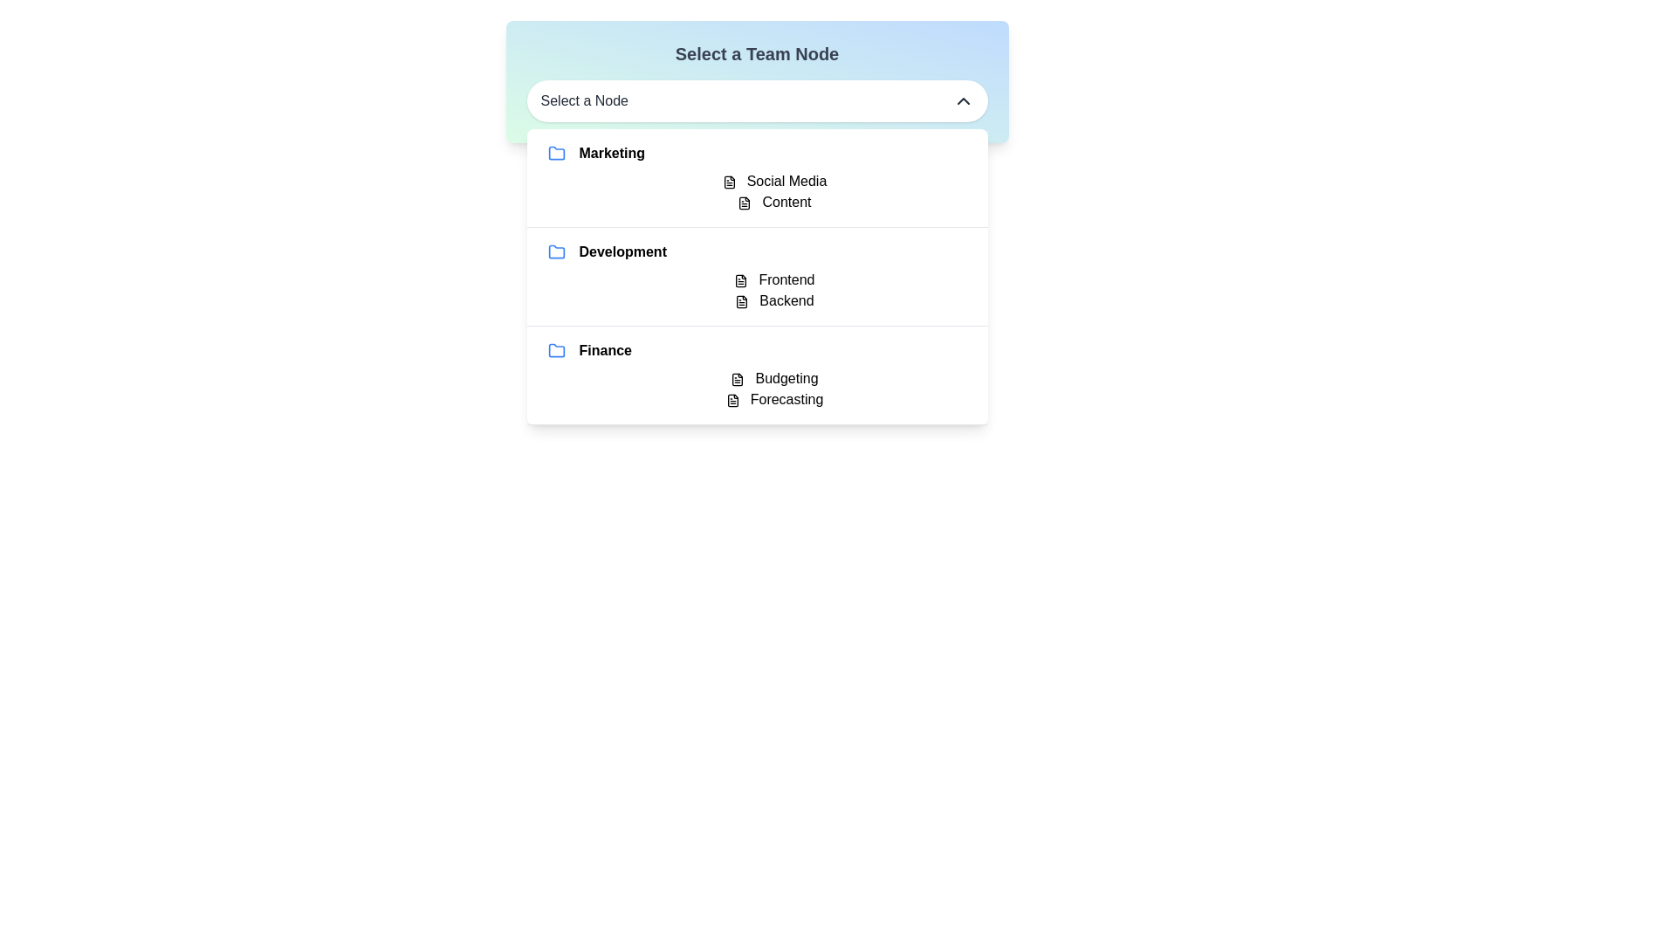 This screenshot has width=1676, height=943. Describe the element at coordinates (757, 276) in the screenshot. I see `the 'Frontend' sub-item within the 'Development' category in the navigation menu` at that location.